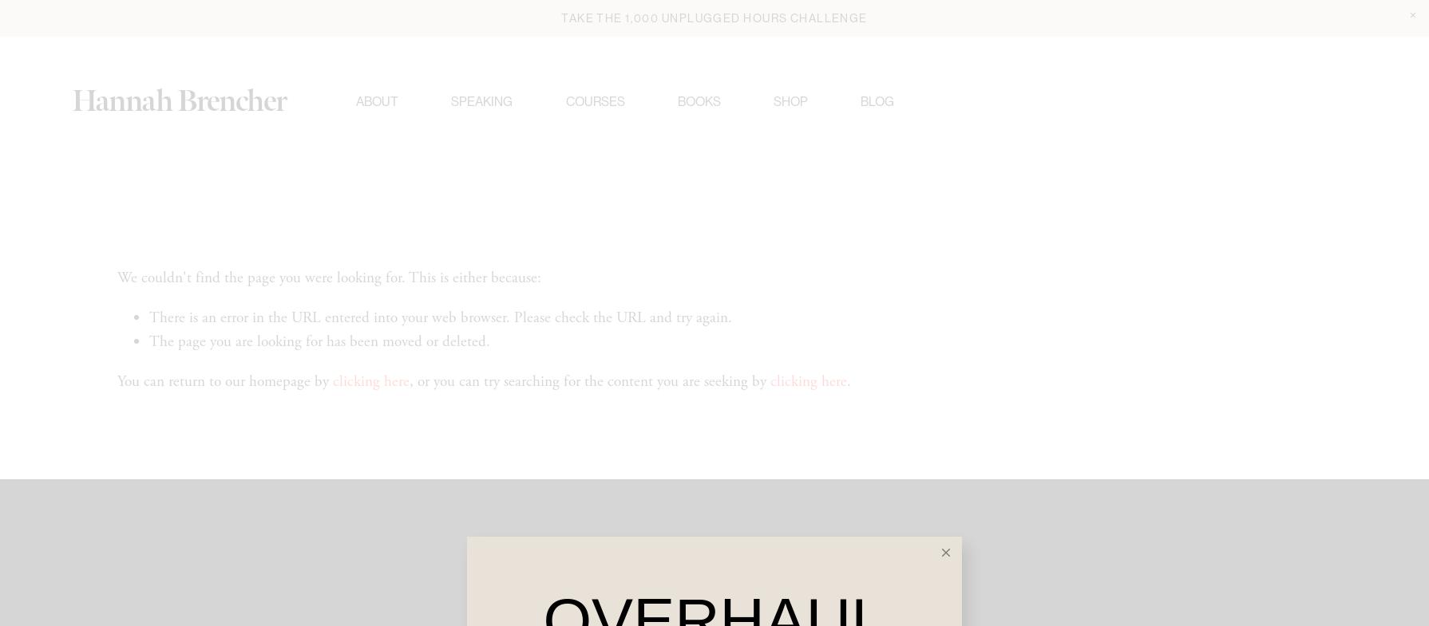 This screenshot has height=626, width=1429. I want to click on 'take the 1,000 unplugged hours challenge', so click(713, 16).